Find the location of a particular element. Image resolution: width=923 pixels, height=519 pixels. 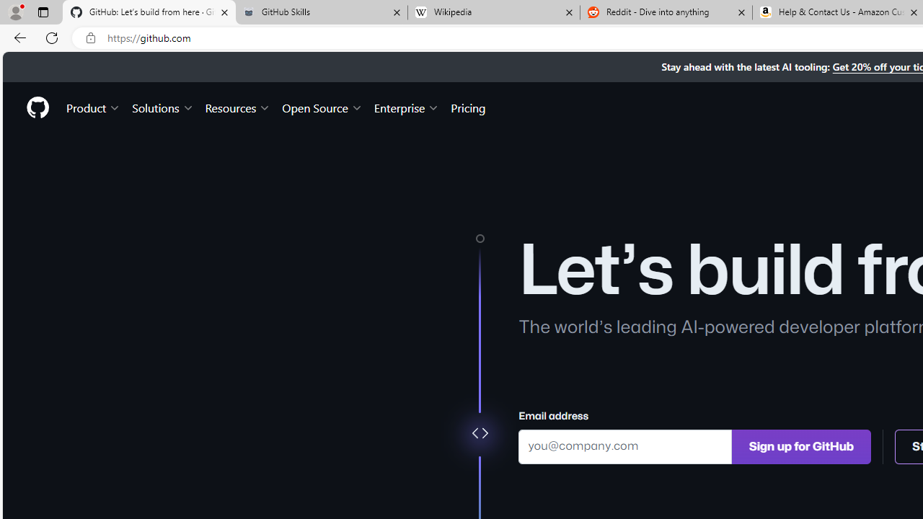

'Reddit - Dive into anything' is located at coordinates (666, 12).